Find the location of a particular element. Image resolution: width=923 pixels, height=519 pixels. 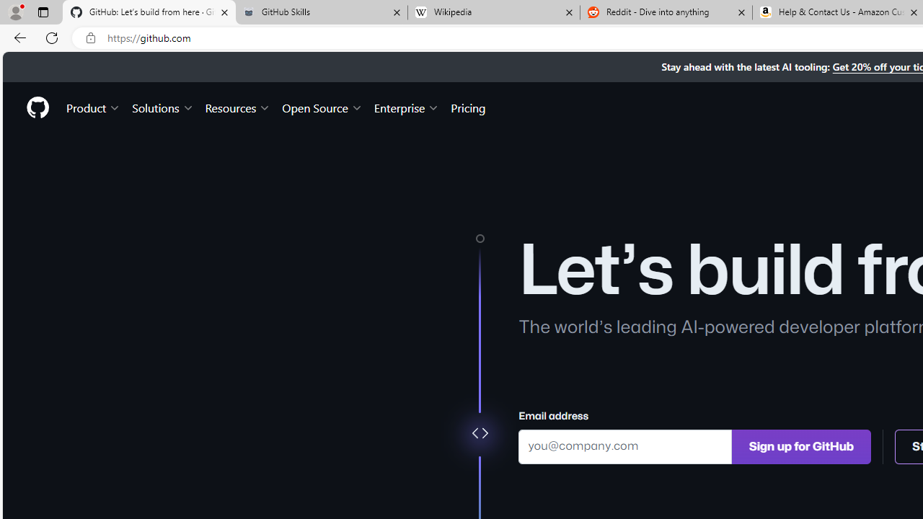

'Reddit - Dive into anything' is located at coordinates (666, 12).